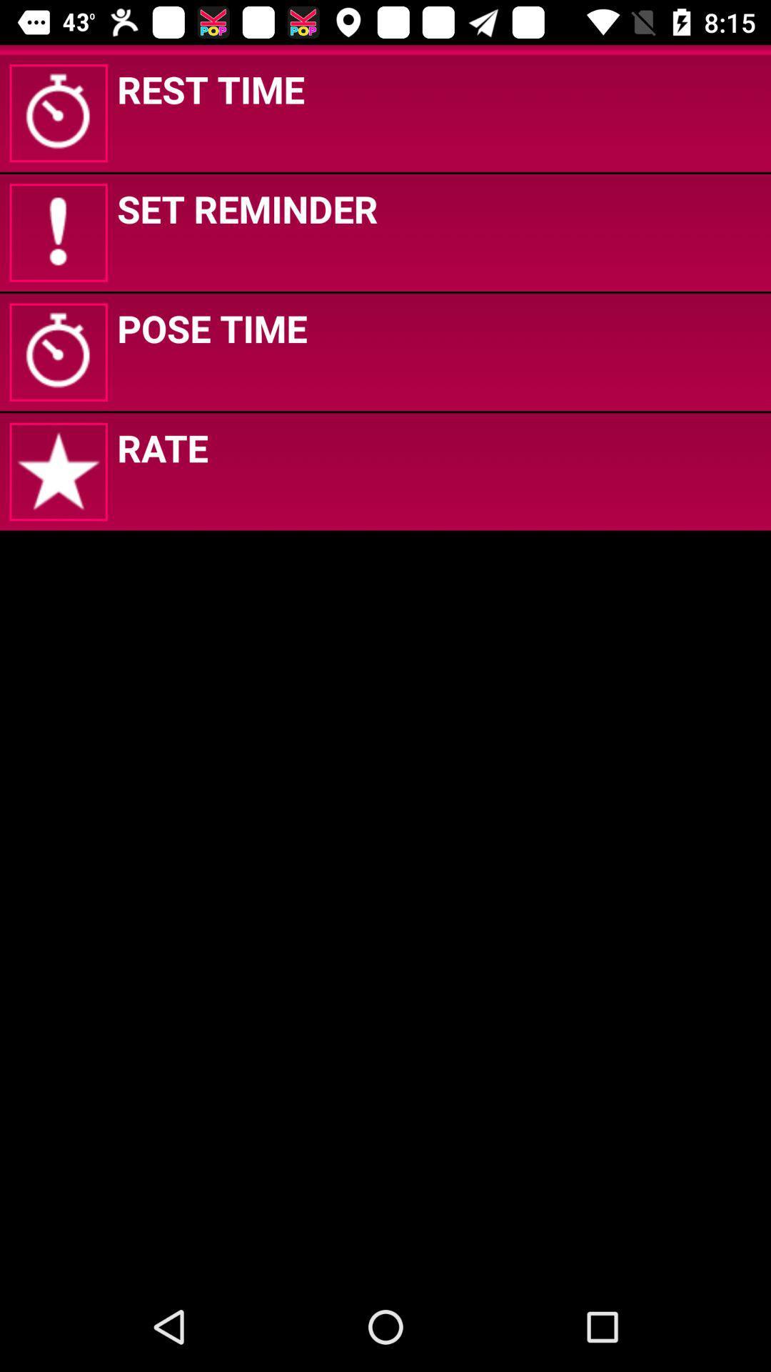  What do you see at coordinates (161, 447) in the screenshot?
I see `rate` at bounding box center [161, 447].